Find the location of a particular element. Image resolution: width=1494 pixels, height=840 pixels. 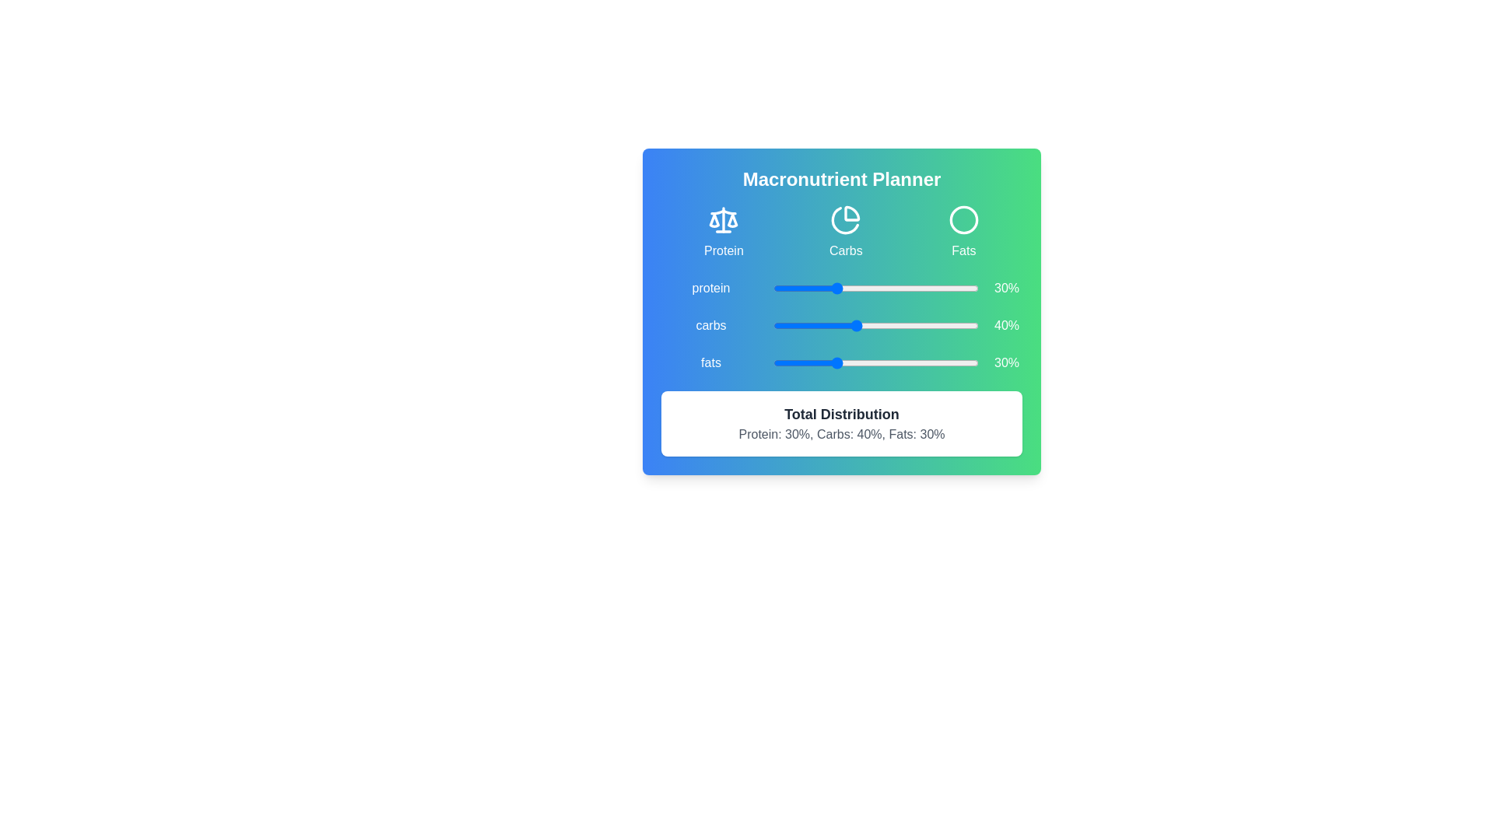

the Informational section with icons and text that displays 'Protein', 'Carbs', and 'Fats' within the 'Macronutrient Planner' card is located at coordinates (840, 233).